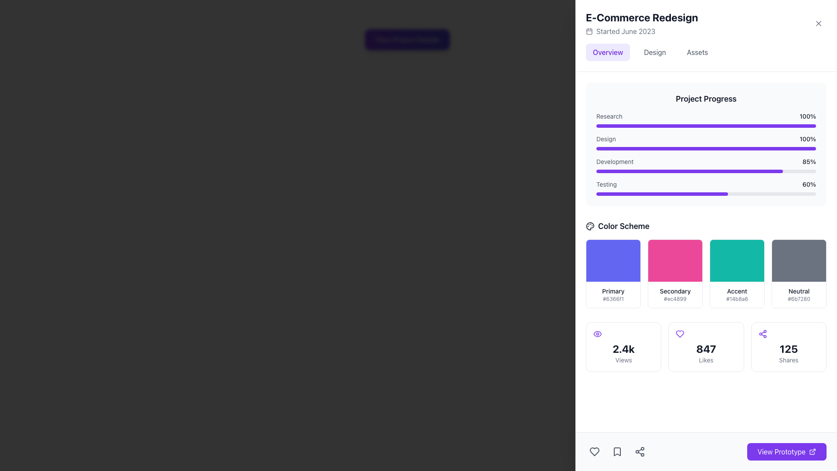 Image resolution: width=837 pixels, height=471 pixels. What do you see at coordinates (789, 348) in the screenshot?
I see `number '125' displayed in bold text above the label 'Shares' in the bottom right card-like component of the share details interface` at bounding box center [789, 348].